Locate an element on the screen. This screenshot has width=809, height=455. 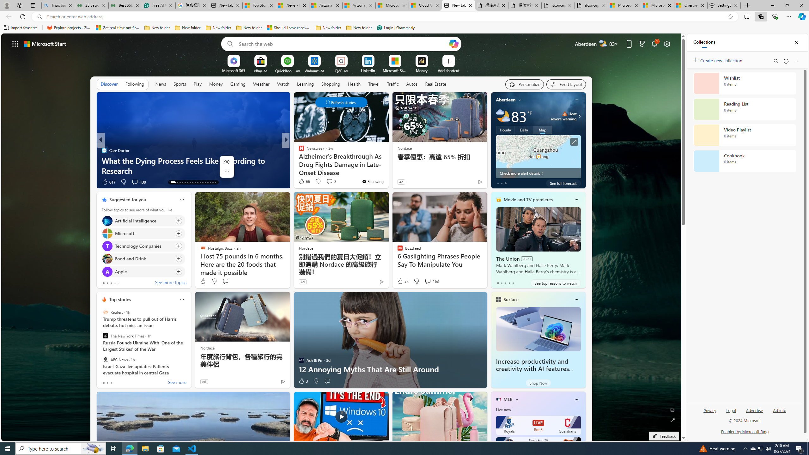
'AutomationID: tab-18' is located at coordinates (187, 182).